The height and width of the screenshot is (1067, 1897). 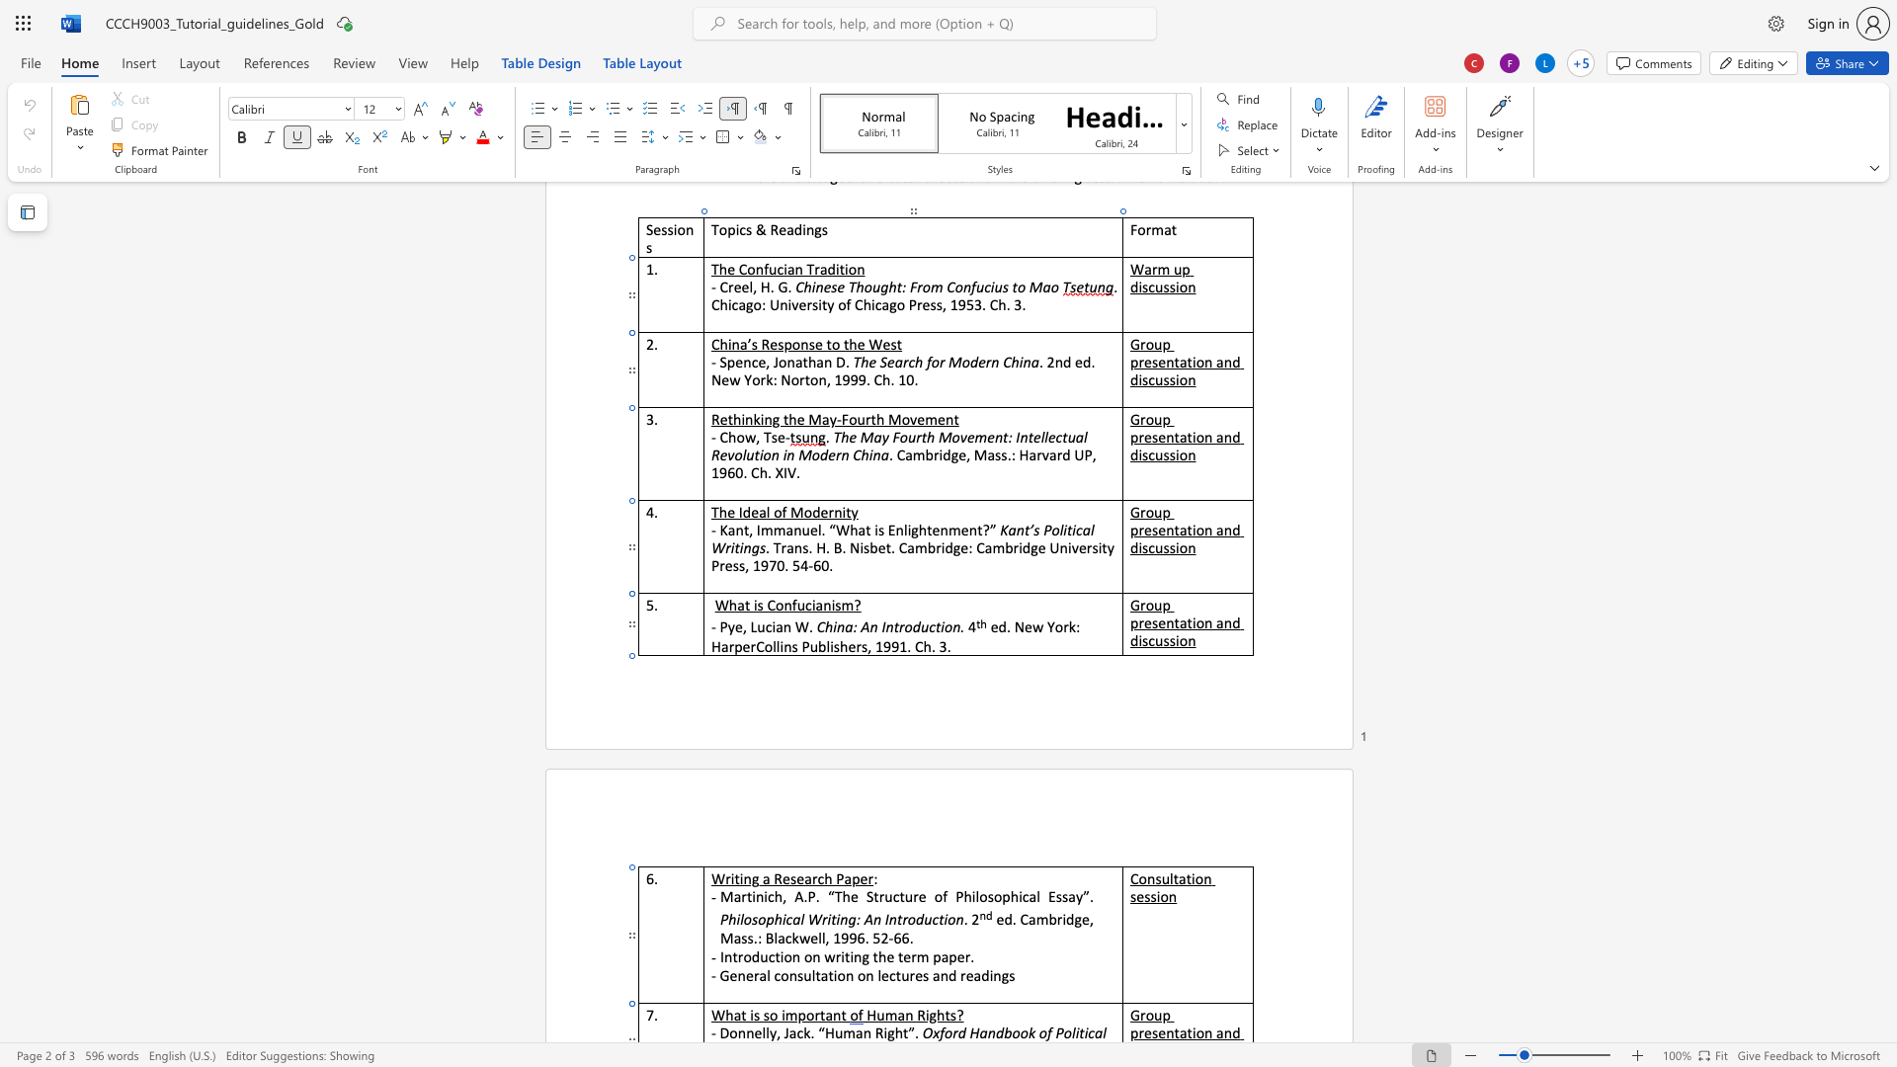 What do you see at coordinates (871, 896) in the screenshot?
I see `the space between the continuous character "S" and "t" in the text` at bounding box center [871, 896].